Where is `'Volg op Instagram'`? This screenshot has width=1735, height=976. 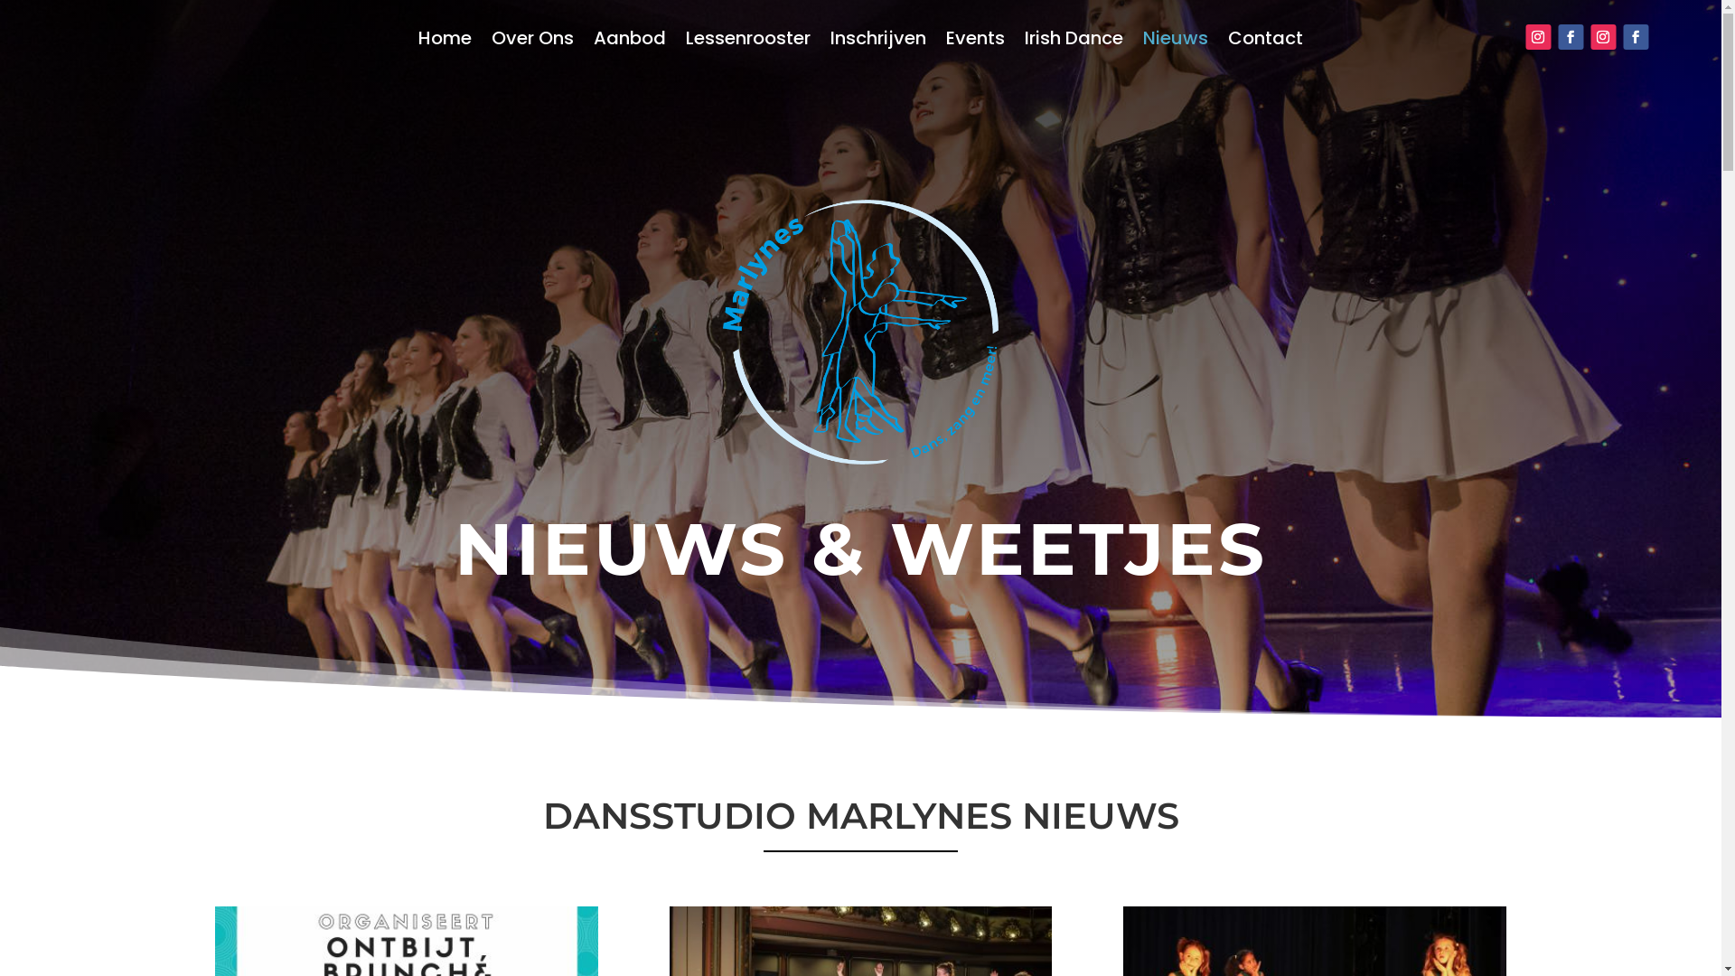
'Volg op Instagram' is located at coordinates (1537, 37).